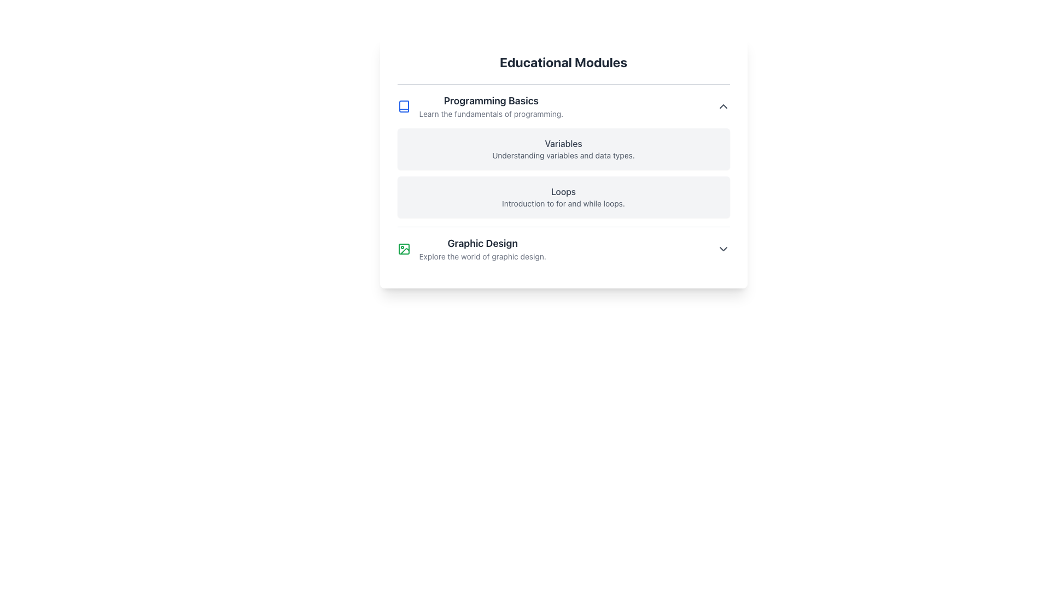  Describe the element at coordinates (480, 107) in the screenshot. I see `the 'Programming Basics' navigation link located at the top-left of the 'Educational Modules' list` at that location.